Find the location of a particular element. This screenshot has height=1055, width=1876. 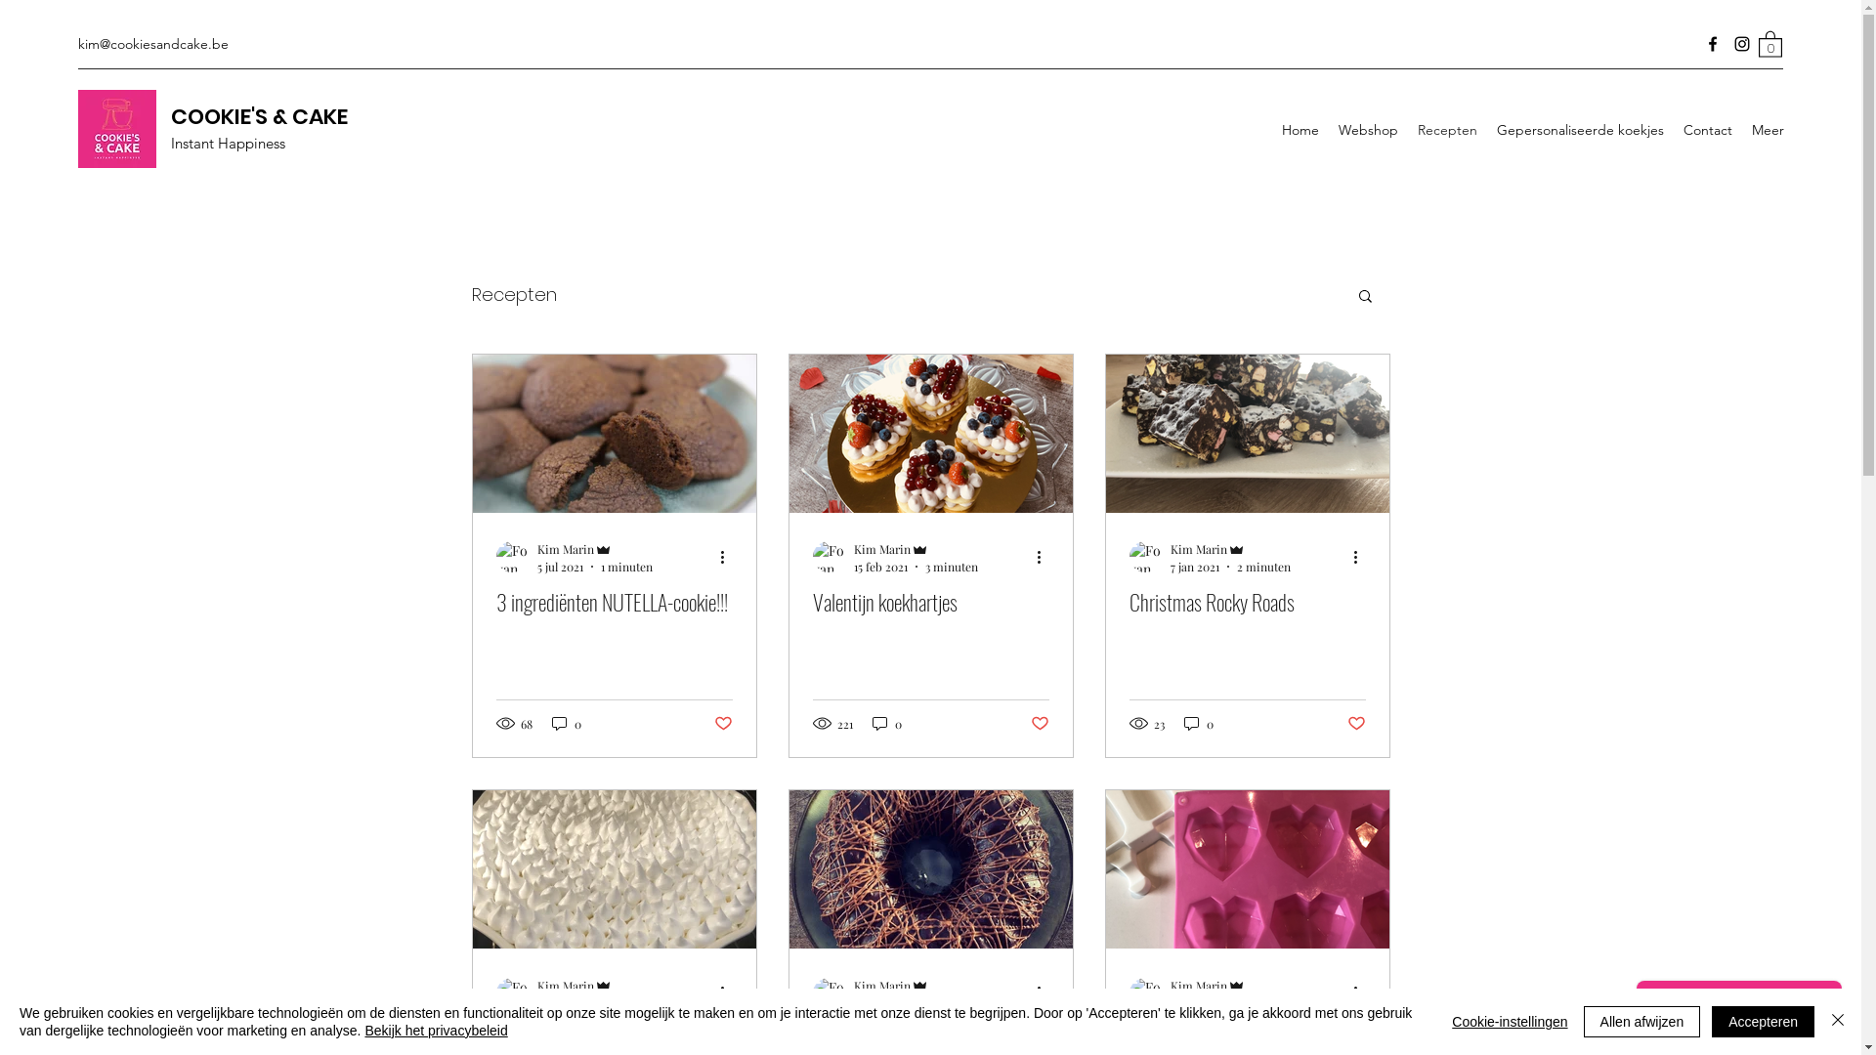

'Contact' is located at coordinates (1706, 129).